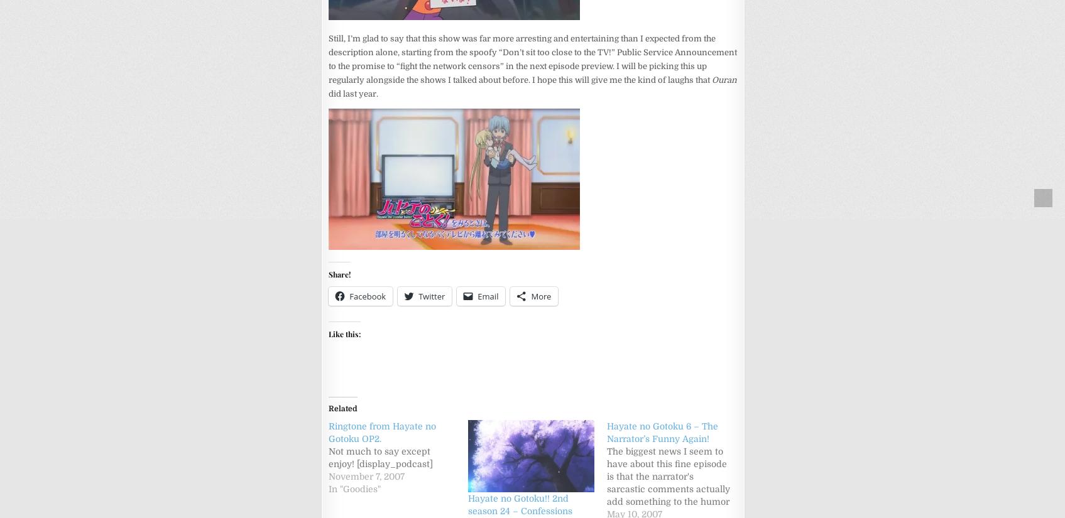 This screenshot has width=1065, height=518. Describe the element at coordinates (723, 79) in the screenshot. I see `'Ouran'` at that location.